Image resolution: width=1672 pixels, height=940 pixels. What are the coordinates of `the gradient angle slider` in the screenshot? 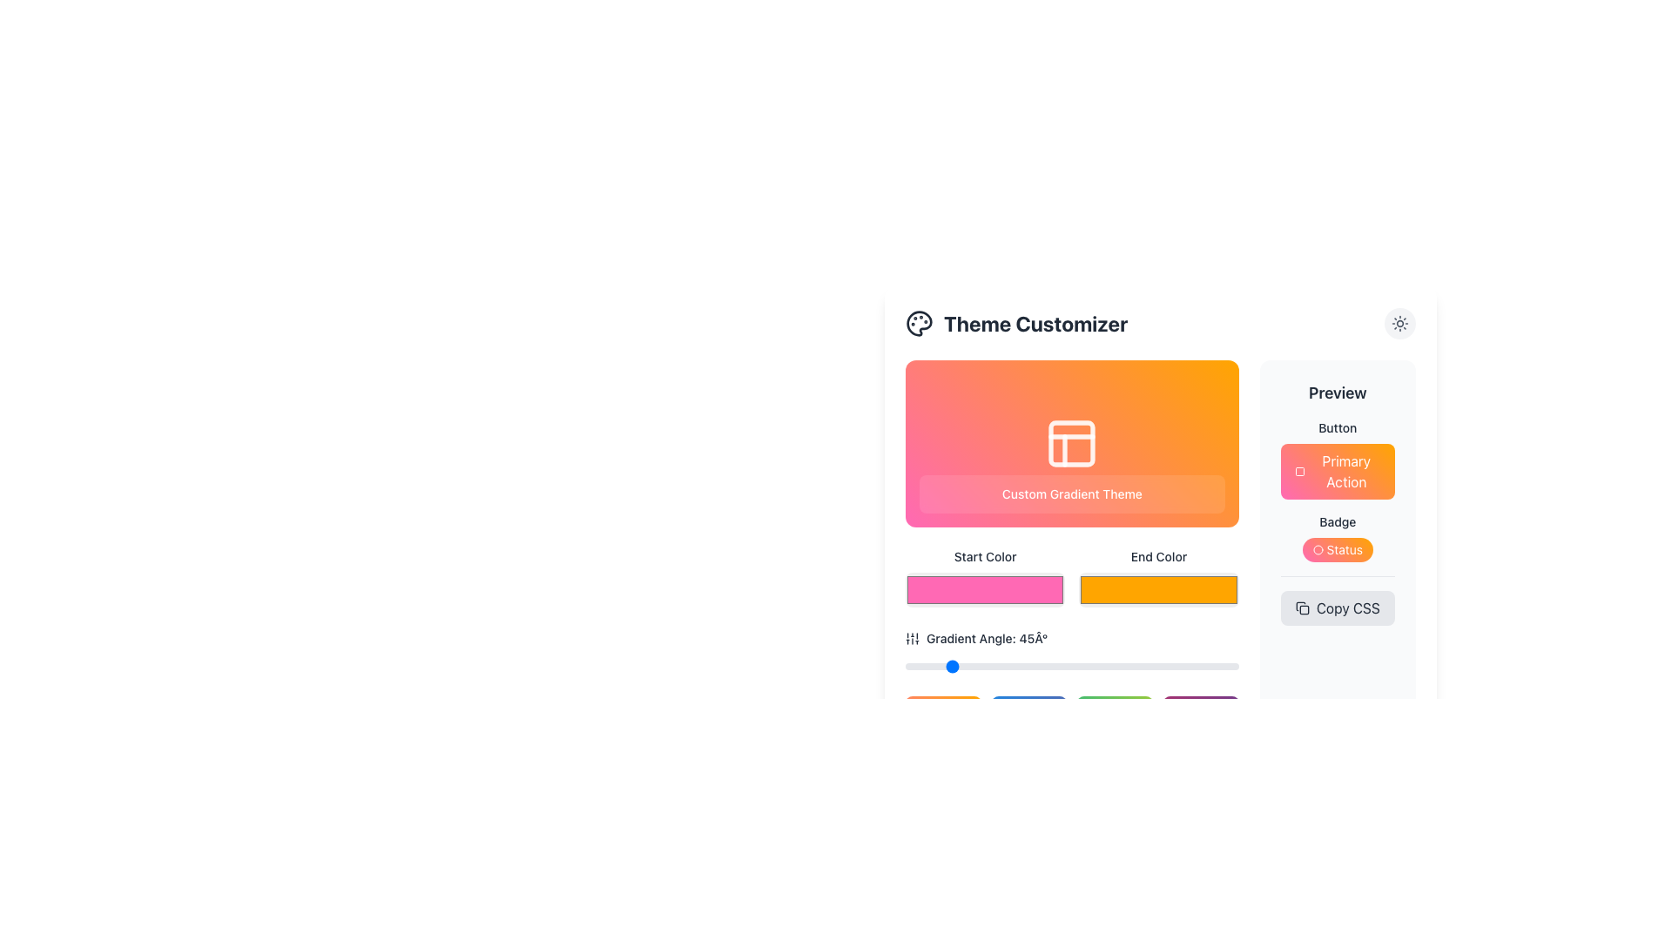 It's located at (1002, 666).